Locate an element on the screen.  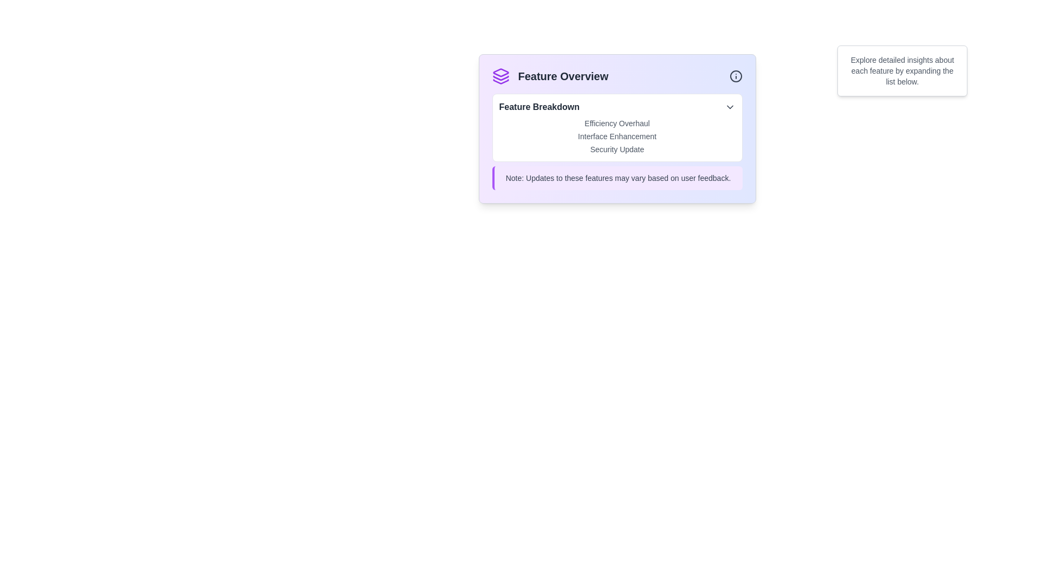
the chevron-down icon located on the right side of the 'Feature Breakdown' header is located at coordinates (730, 107).